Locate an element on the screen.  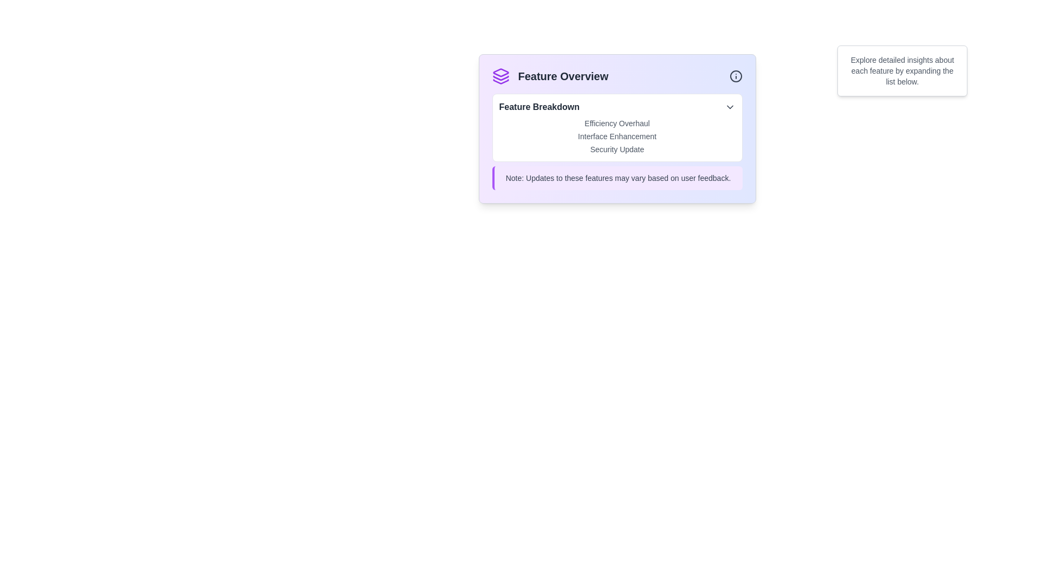
the chevron-down icon located on the right side of the 'Feature Breakdown' header is located at coordinates (730, 107).